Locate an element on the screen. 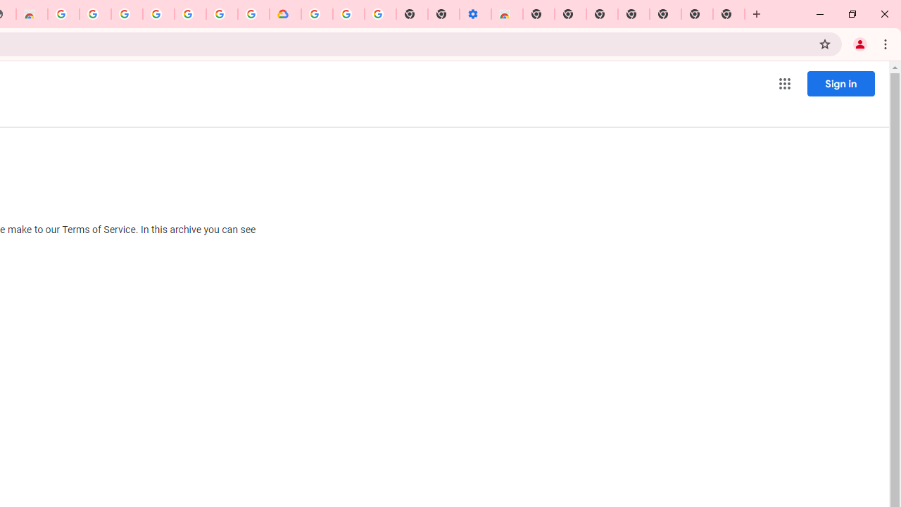 Image resolution: width=901 pixels, height=507 pixels. 'Chrome Web Store - Accessibility extensions' is located at coordinates (507, 14).